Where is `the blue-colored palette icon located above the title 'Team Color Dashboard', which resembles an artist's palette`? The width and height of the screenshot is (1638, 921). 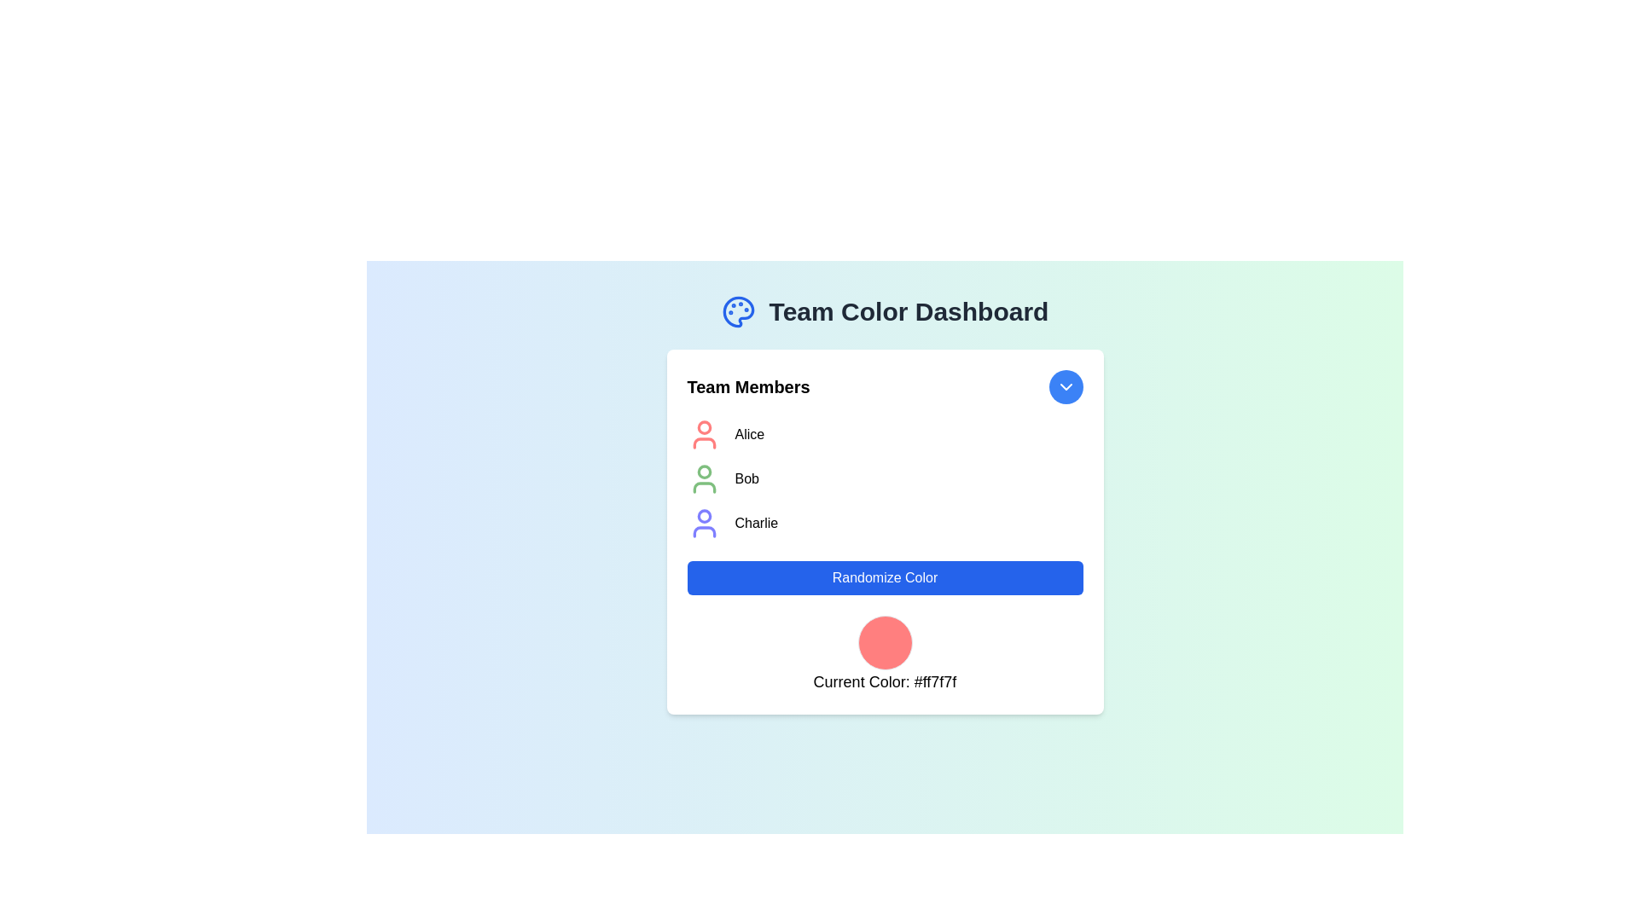 the blue-colored palette icon located above the title 'Team Color Dashboard', which resembles an artist's palette is located at coordinates (738, 312).